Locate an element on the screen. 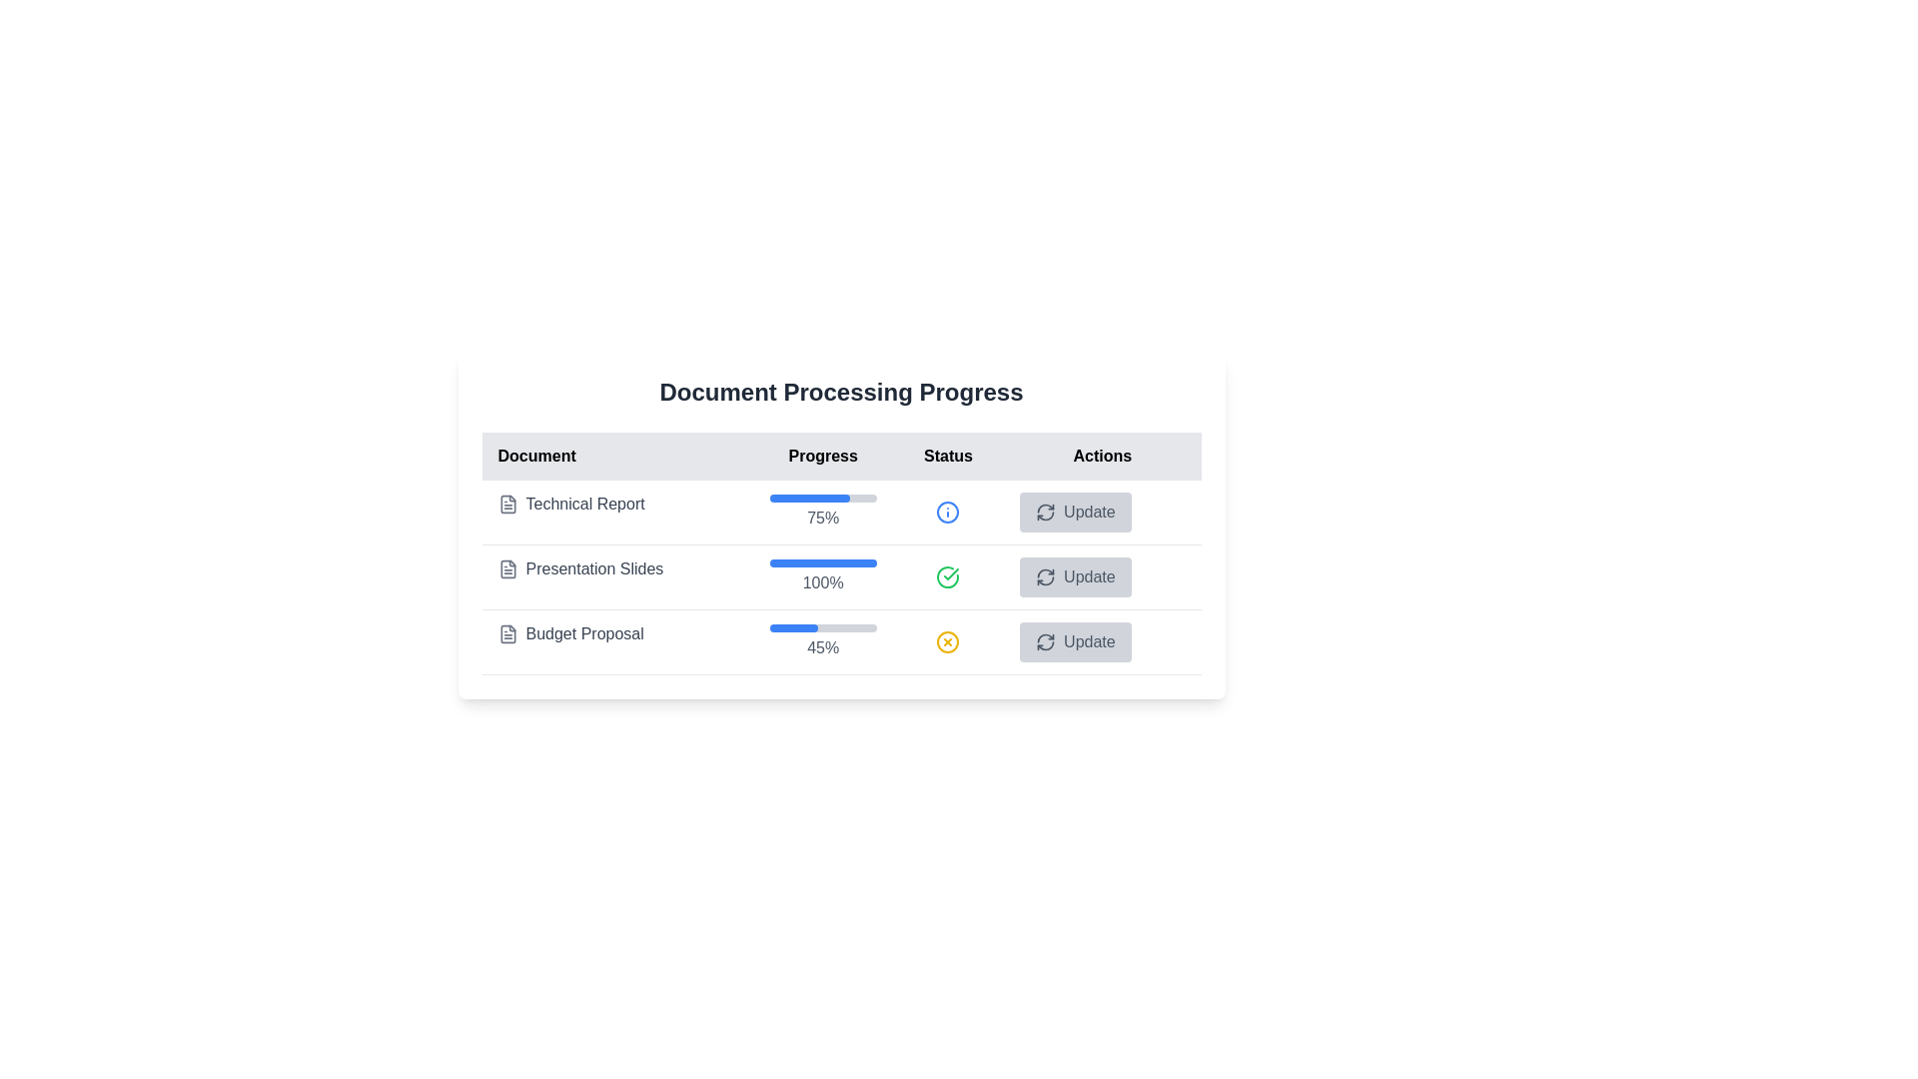  the SVG Circle in the 'Status' column of the first row corresponding to the 'Technical Report' entry in the table is located at coordinates (947, 512).